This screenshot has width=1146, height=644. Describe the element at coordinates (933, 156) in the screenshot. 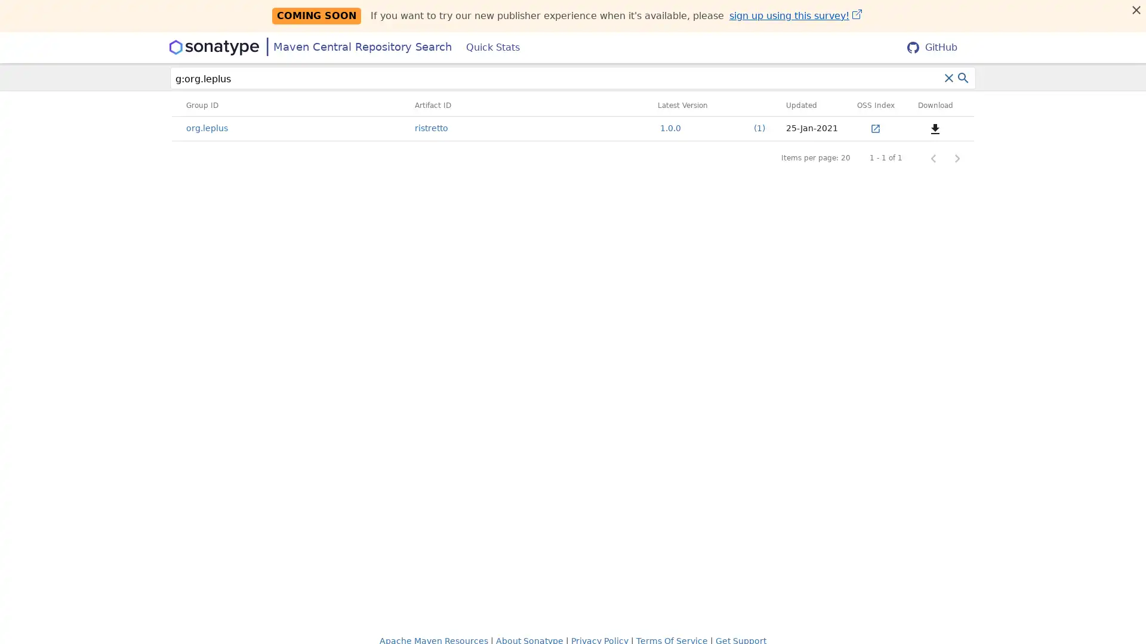

I see `Previous page` at that location.